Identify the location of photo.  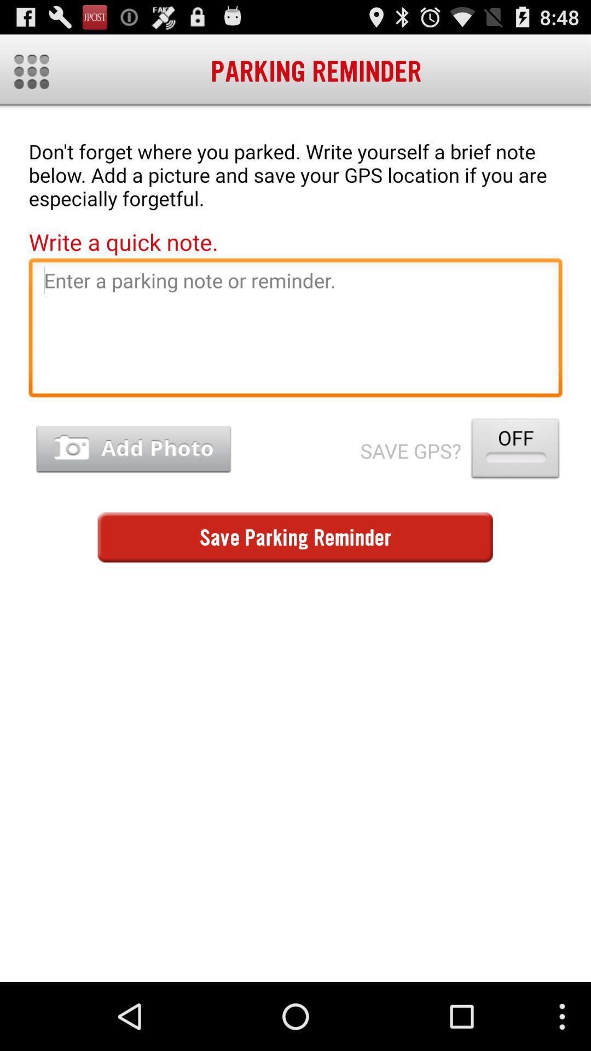
(133, 449).